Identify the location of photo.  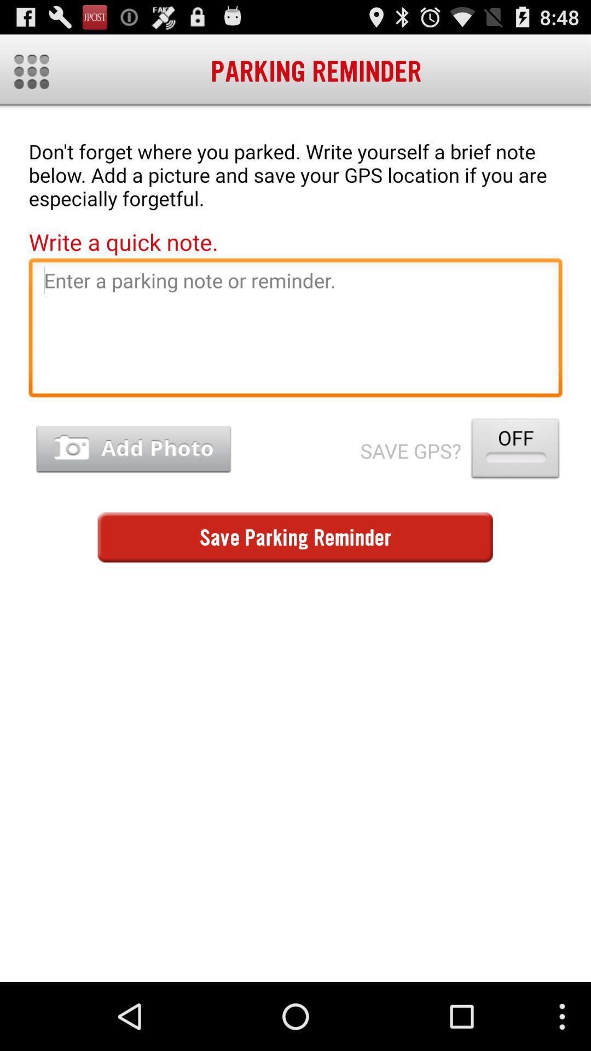
(133, 449).